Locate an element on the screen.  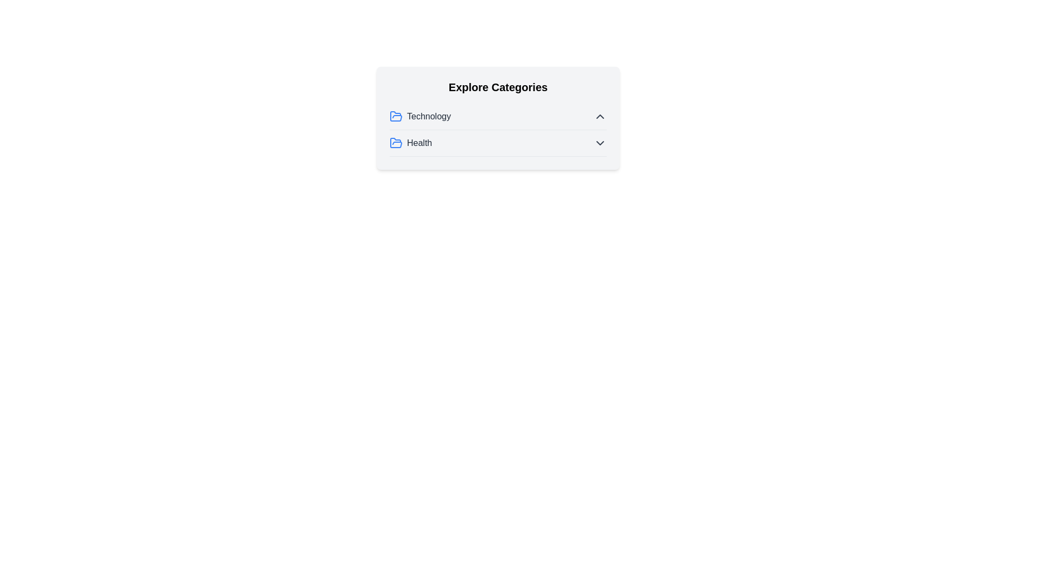
the folder icon next to the category name to observe its visual cue is located at coordinates (395, 117).